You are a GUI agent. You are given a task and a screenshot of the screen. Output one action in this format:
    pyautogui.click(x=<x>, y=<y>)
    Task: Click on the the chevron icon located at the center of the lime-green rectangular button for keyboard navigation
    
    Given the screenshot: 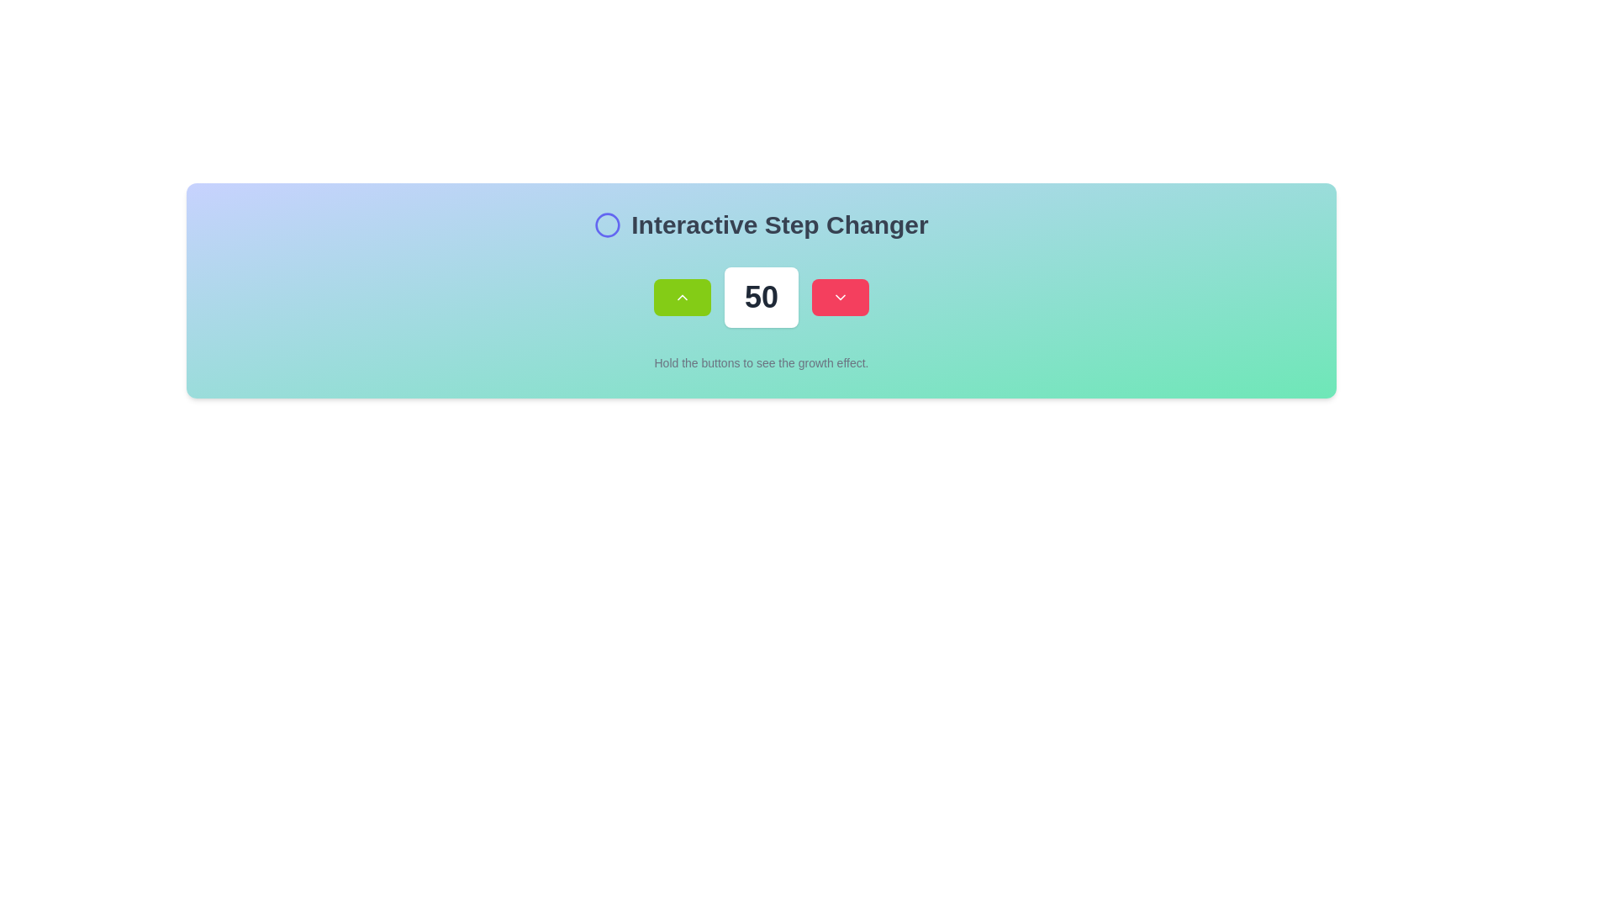 What is the action you would take?
    pyautogui.click(x=682, y=297)
    